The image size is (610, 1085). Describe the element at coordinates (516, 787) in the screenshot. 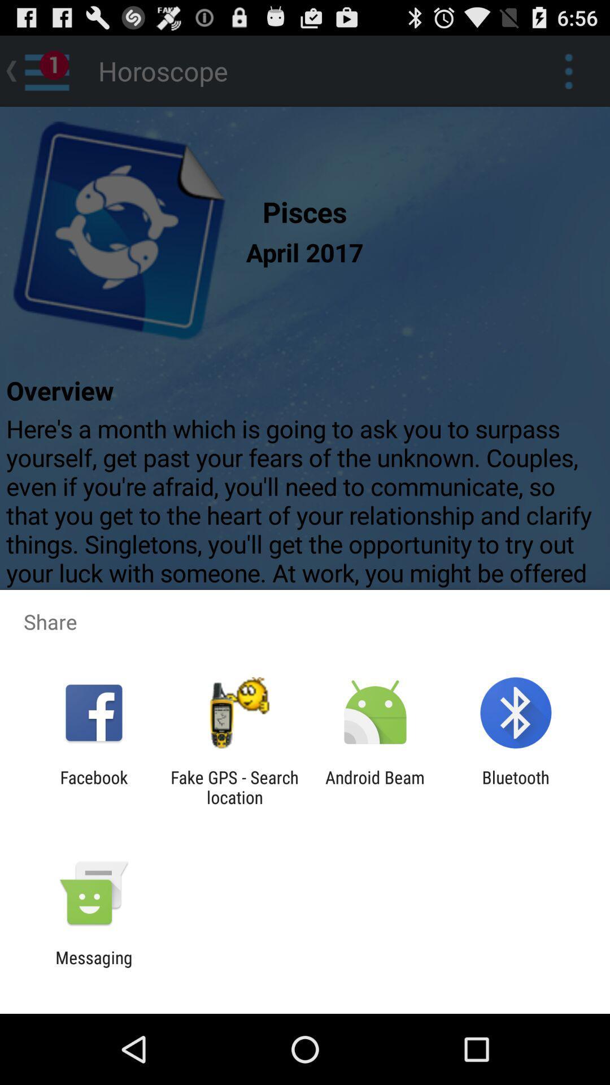

I see `the app next to android beam app` at that location.